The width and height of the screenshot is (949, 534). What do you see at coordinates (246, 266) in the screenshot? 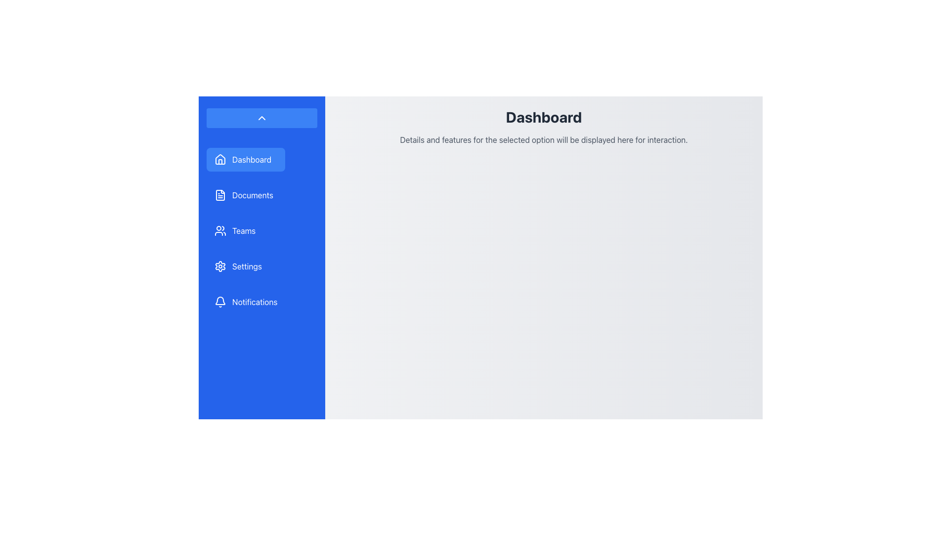
I see `the 'Settings' button, which is a horizontally aligned menu option with a cogwheel icon and white text on a blue background, located in the sidebar` at bounding box center [246, 266].